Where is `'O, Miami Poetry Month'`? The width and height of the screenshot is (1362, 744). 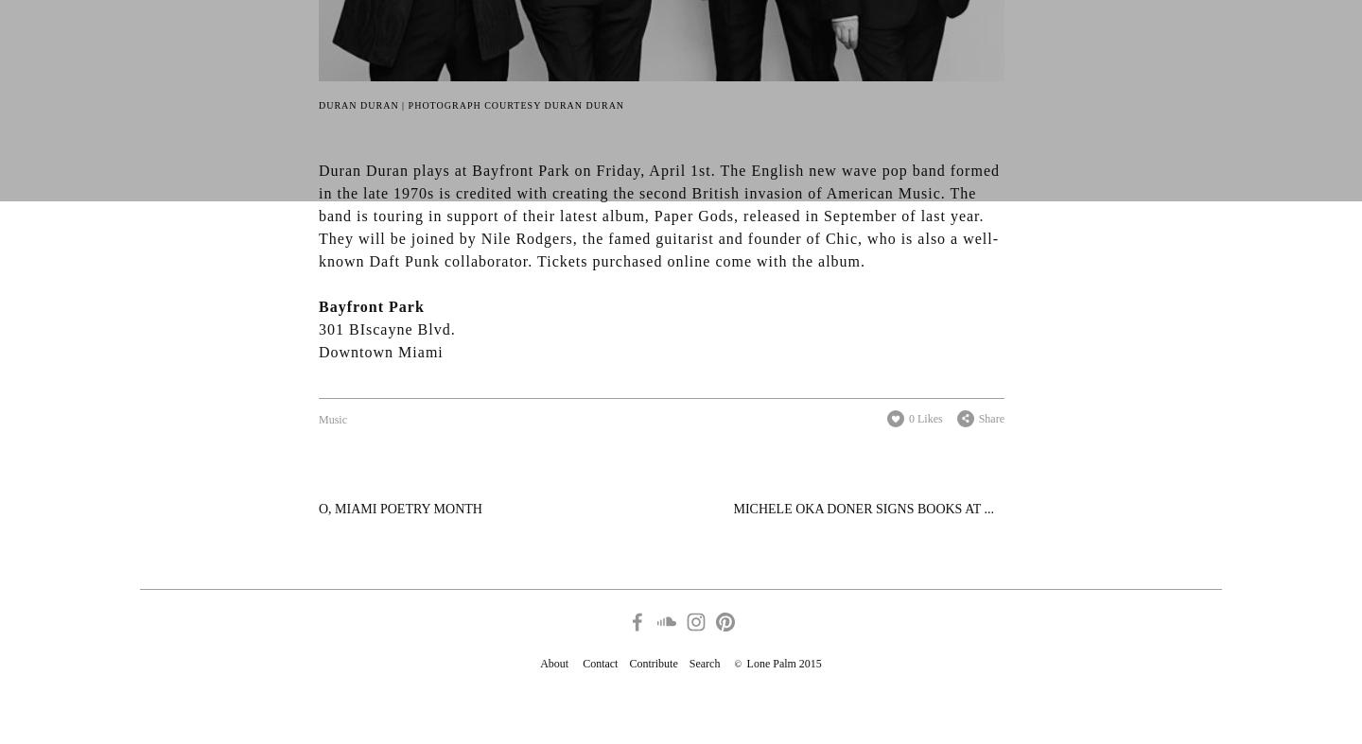 'O, Miami Poetry Month' is located at coordinates (400, 508).